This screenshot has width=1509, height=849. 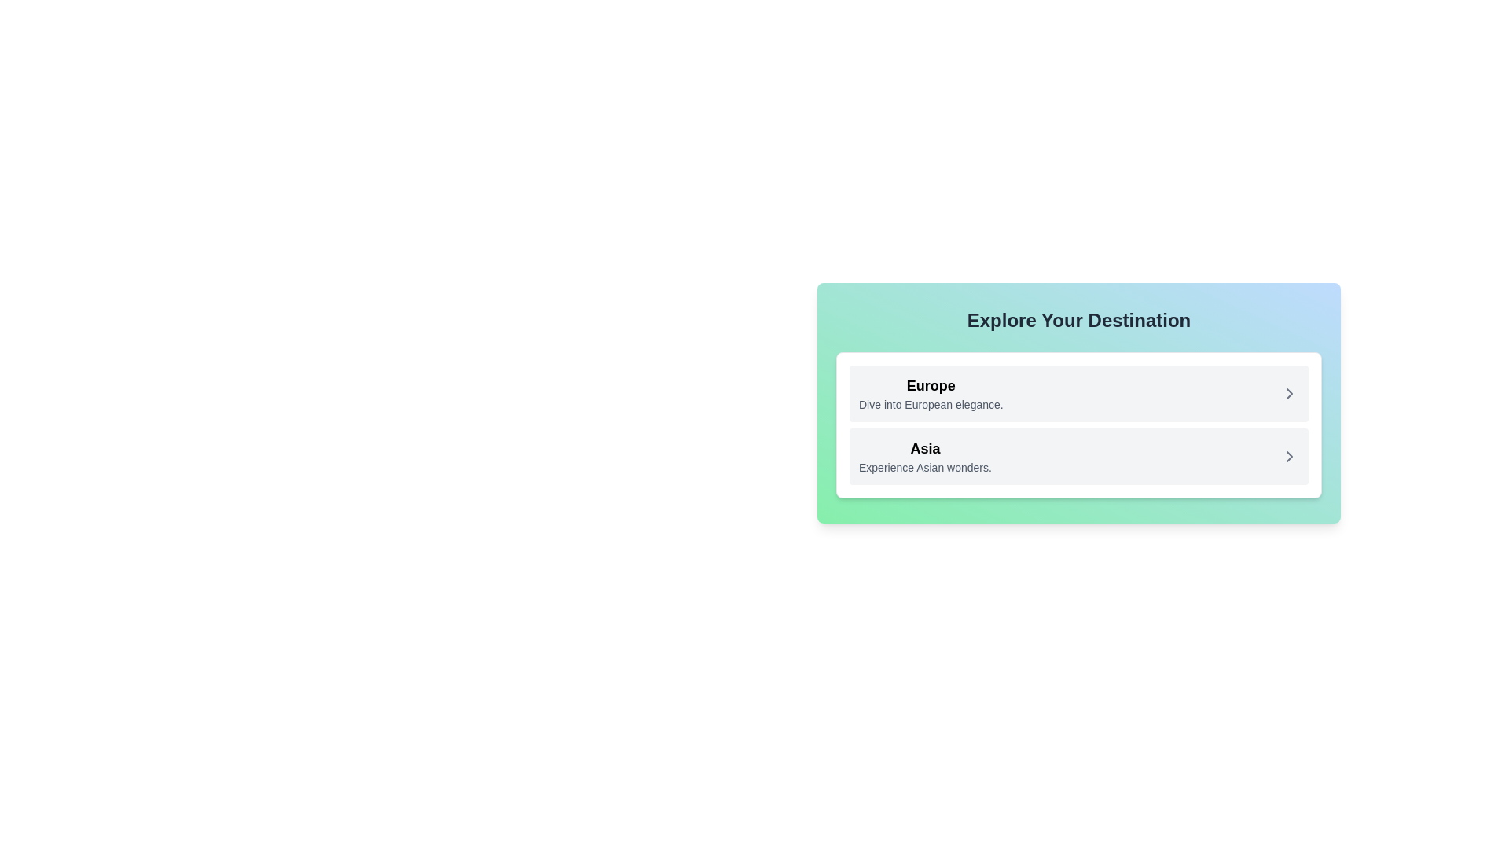 What do you see at coordinates (1290, 393) in the screenshot?
I see `the Chevron icon located on the right side of the 'Europe' content box` at bounding box center [1290, 393].